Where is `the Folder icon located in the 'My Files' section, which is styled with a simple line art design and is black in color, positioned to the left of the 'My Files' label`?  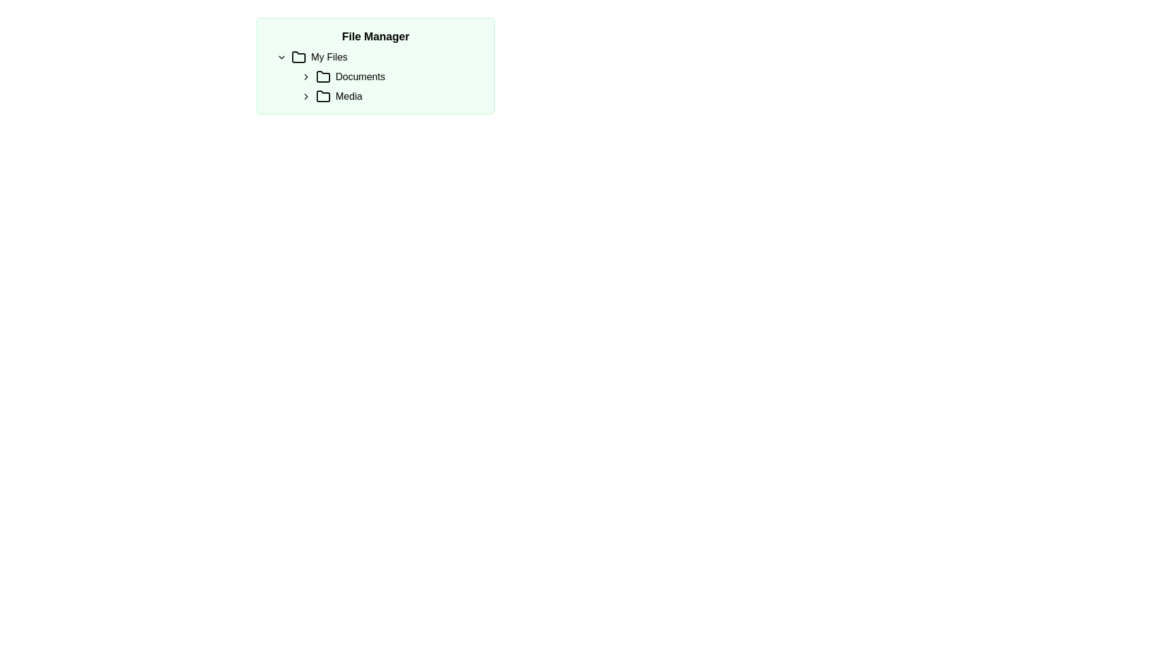 the Folder icon located in the 'My Files' section, which is styled with a simple line art design and is black in color, positioned to the left of the 'My Files' label is located at coordinates (299, 57).